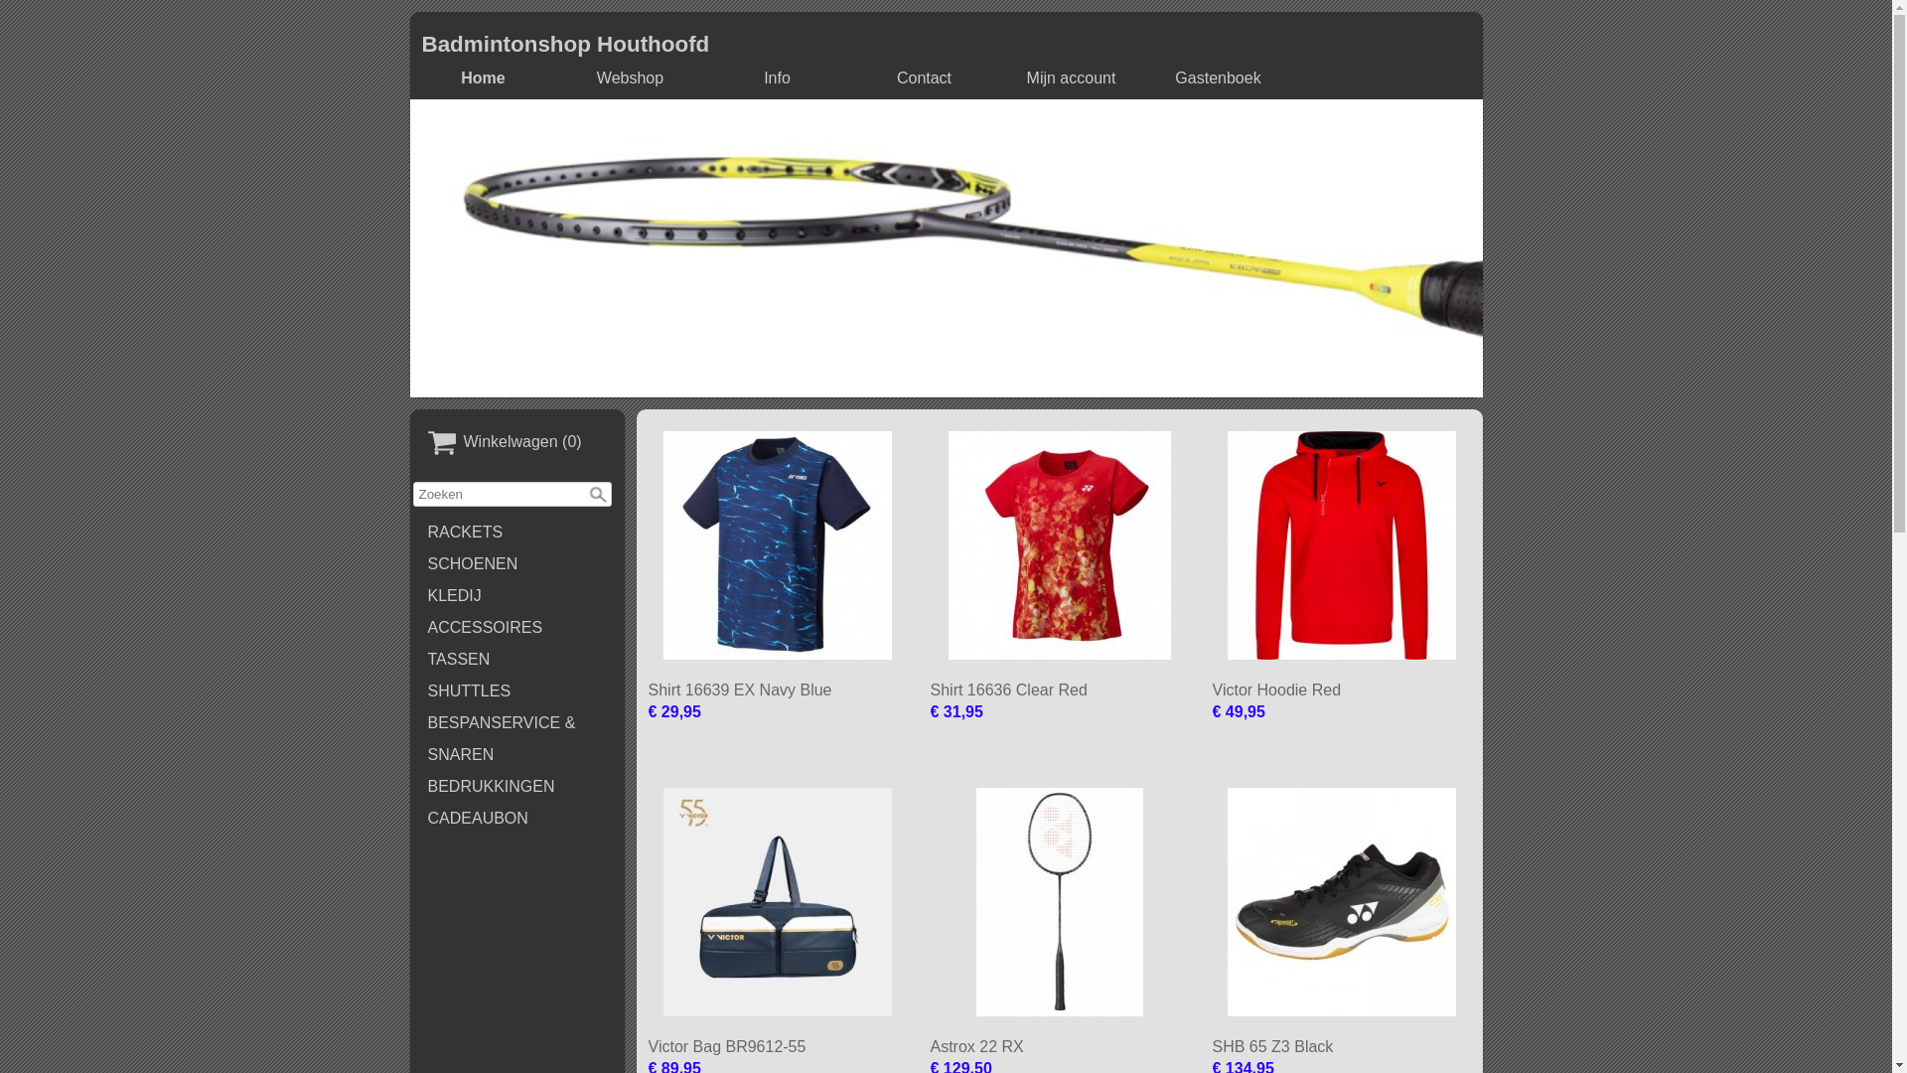 The image size is (1907, 1073). I want to click on 'Contact', so click(856, 77).